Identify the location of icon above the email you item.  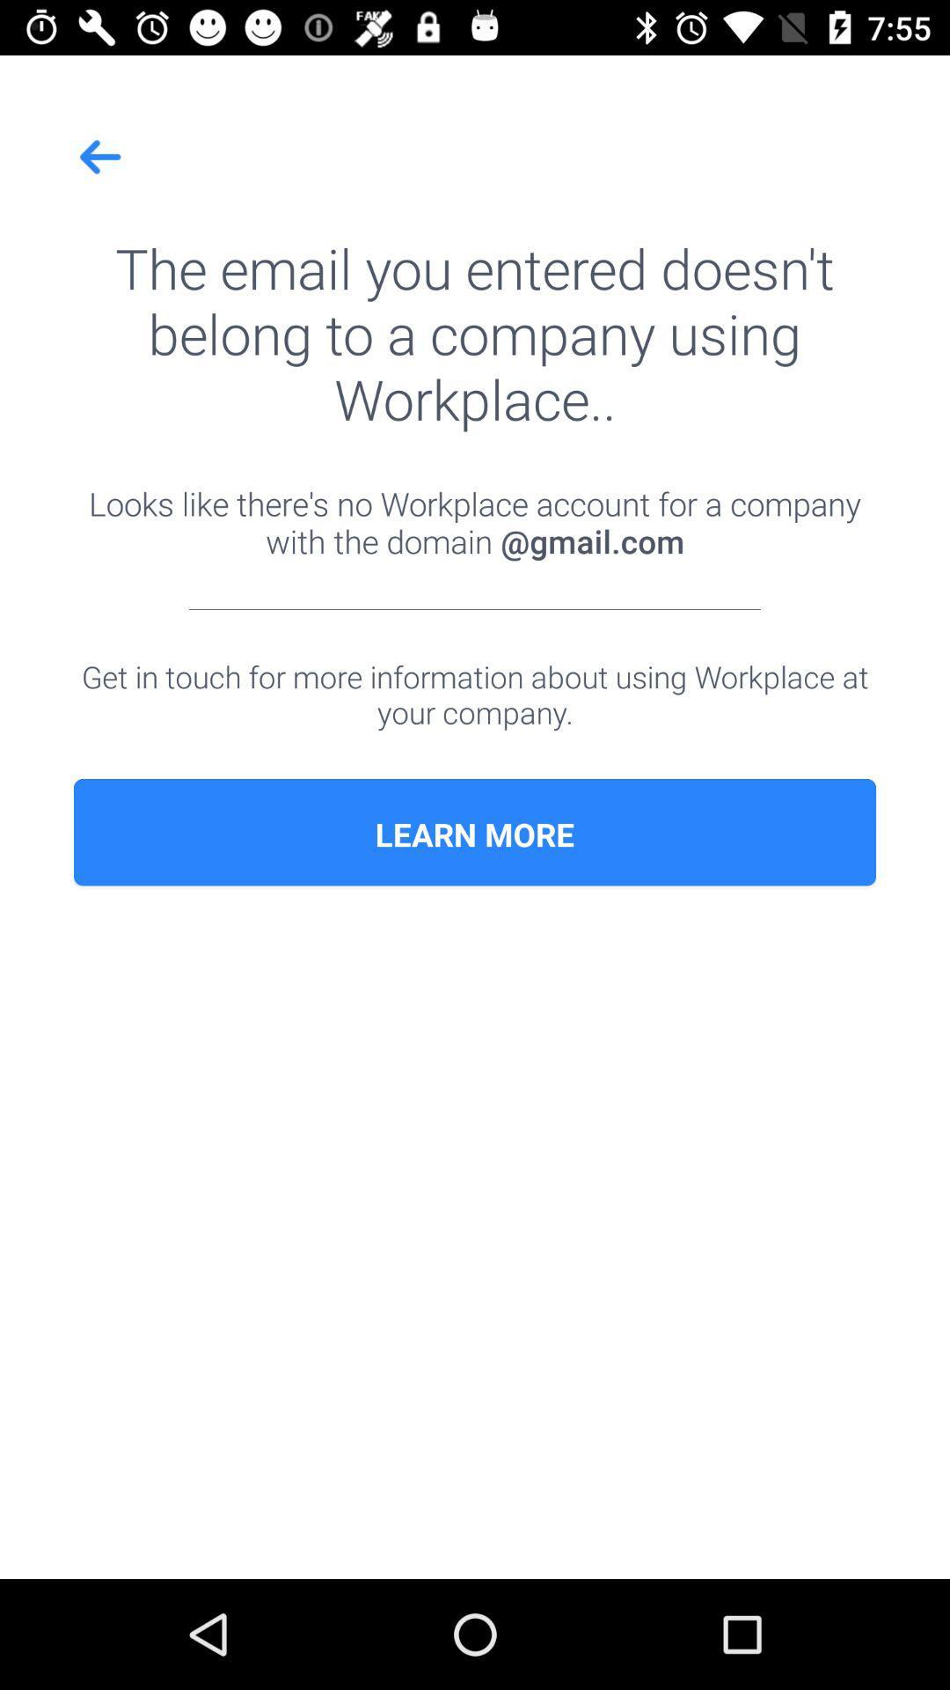
(101, 157).